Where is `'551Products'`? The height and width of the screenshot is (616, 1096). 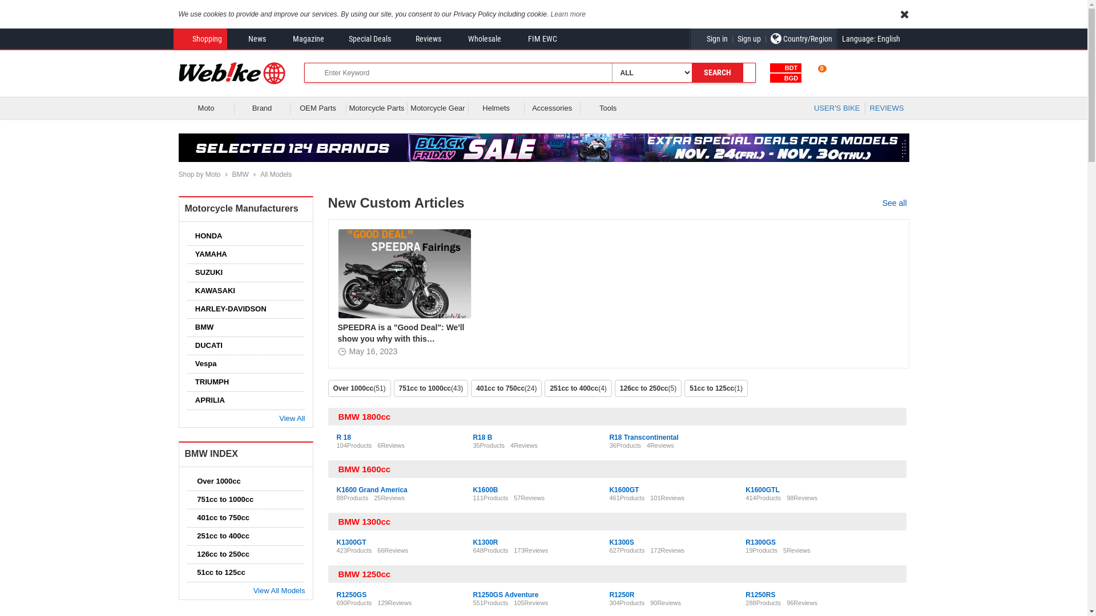 '551Products' is located at coordinates (490, 602).